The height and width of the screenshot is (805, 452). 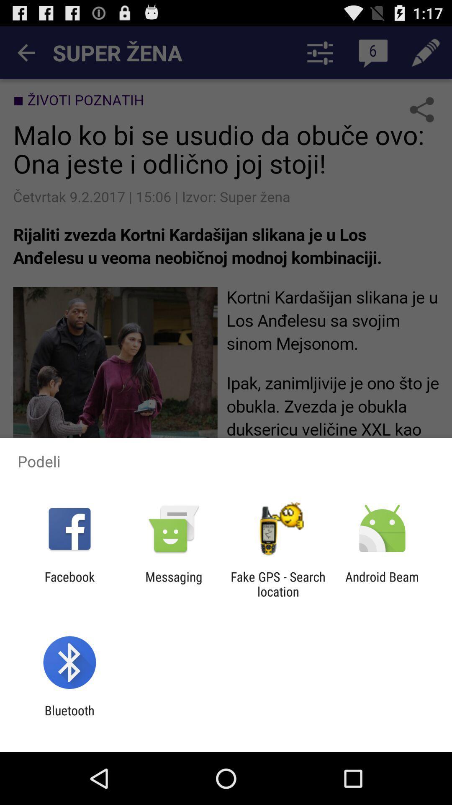 What do you see at coordinates (173, 584) in the screenshot?
I see `icon to the right of facebook app` at bounding box center [173, 584].